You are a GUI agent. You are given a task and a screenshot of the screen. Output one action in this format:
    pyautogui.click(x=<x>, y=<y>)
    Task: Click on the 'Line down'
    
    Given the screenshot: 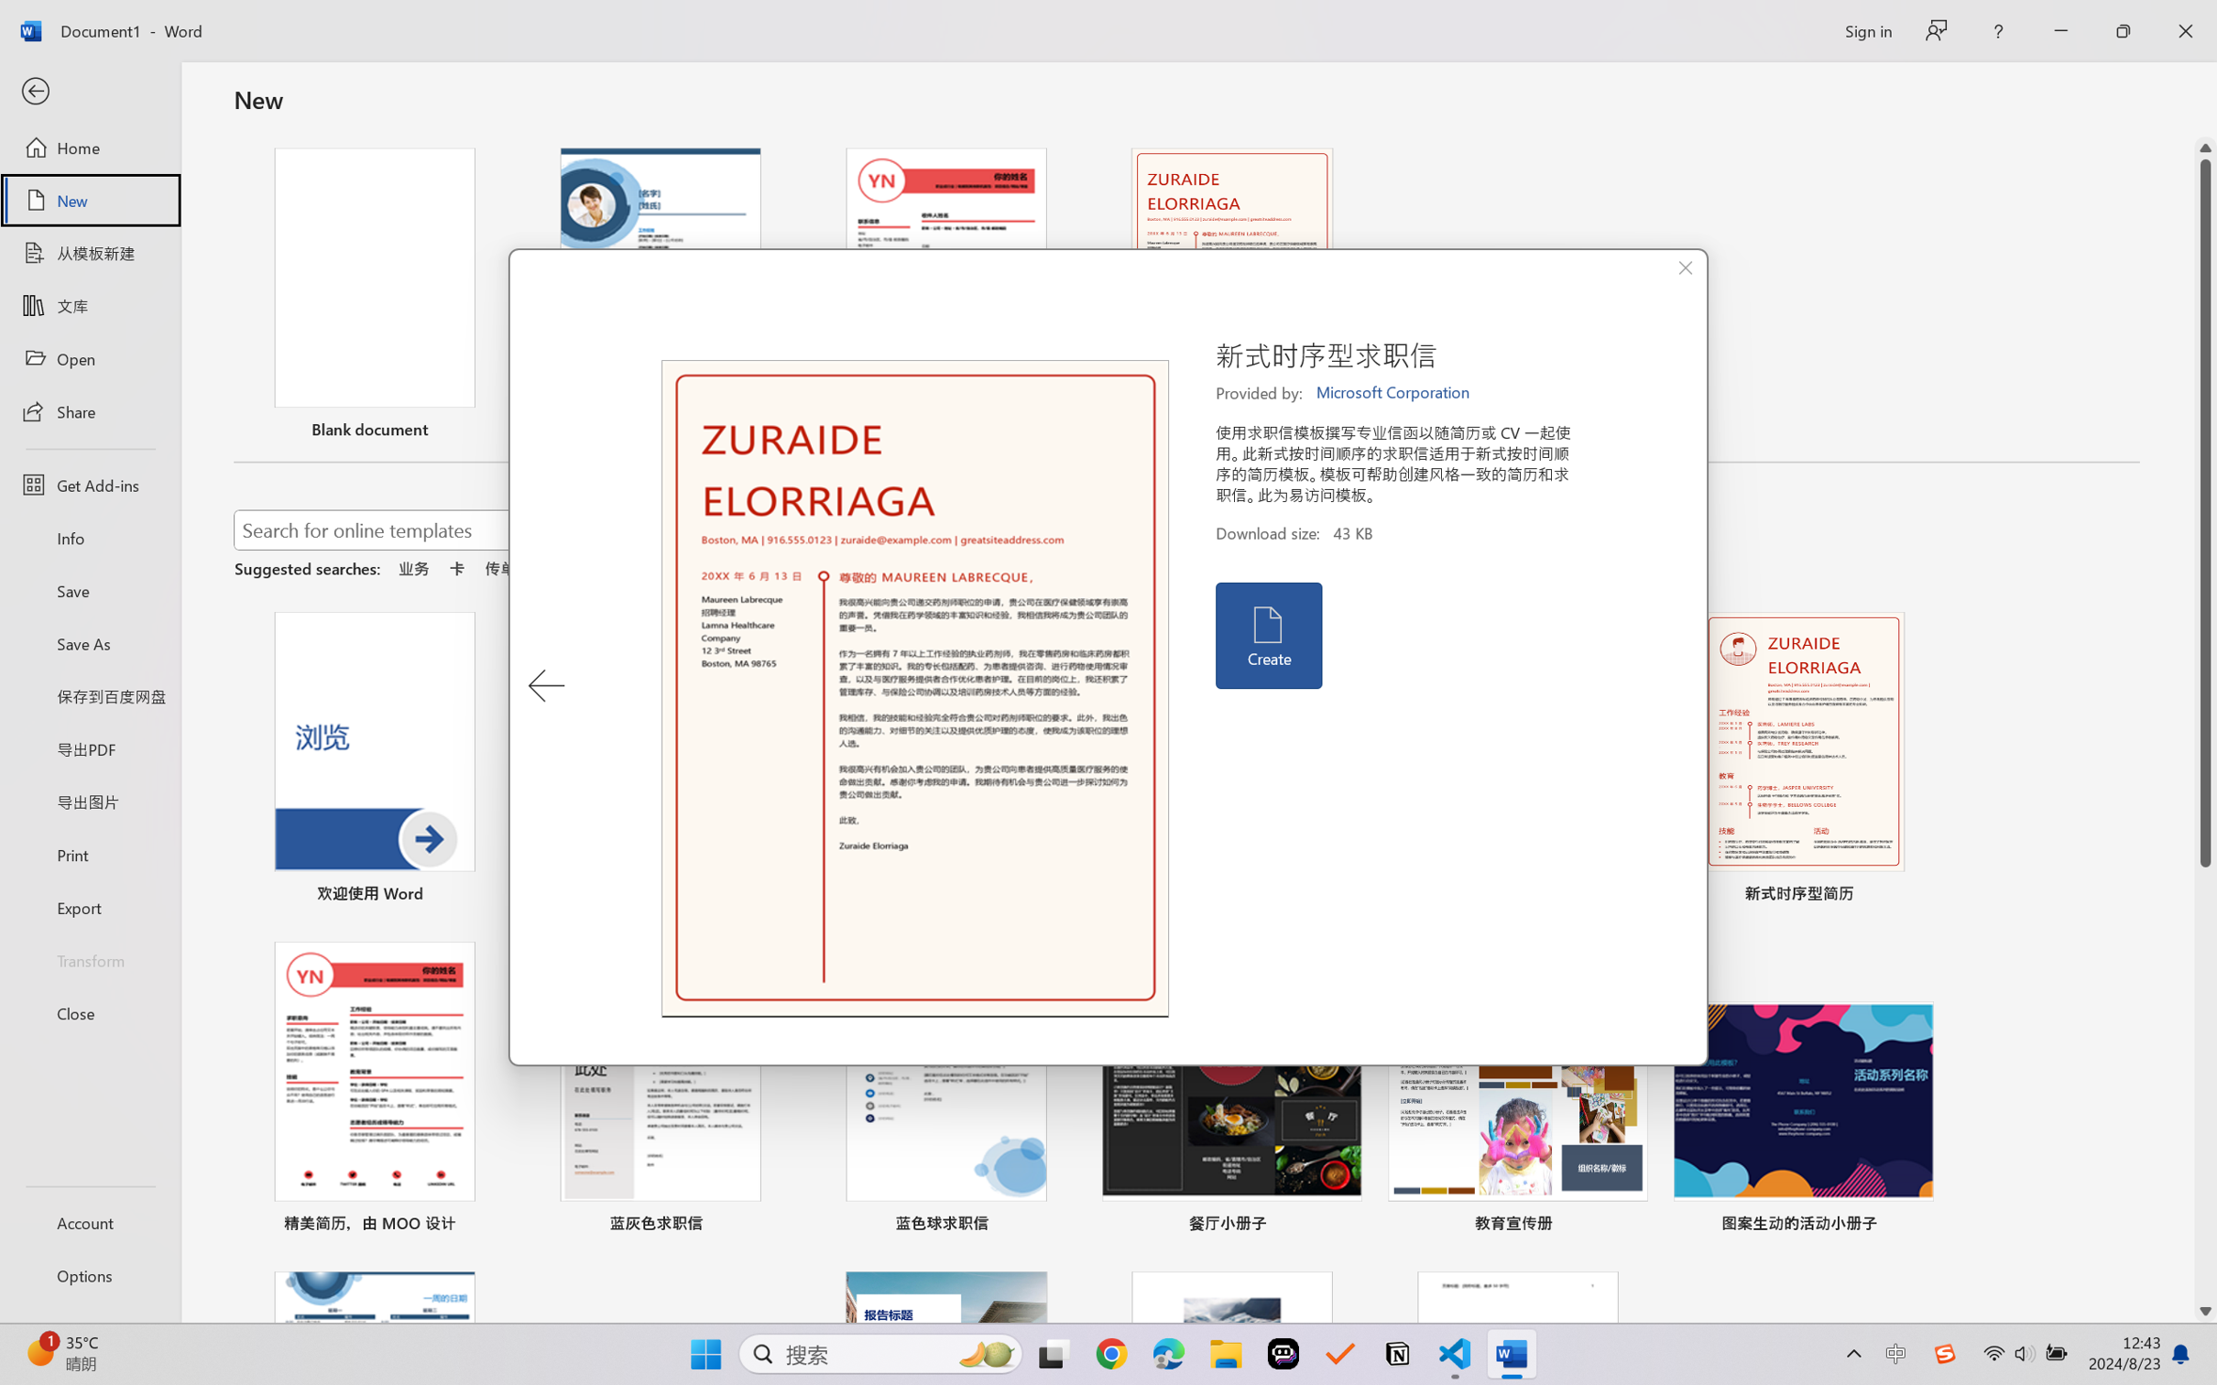 What is the action you would take?
    pyautogui.click(x=2205, y=1312)
    